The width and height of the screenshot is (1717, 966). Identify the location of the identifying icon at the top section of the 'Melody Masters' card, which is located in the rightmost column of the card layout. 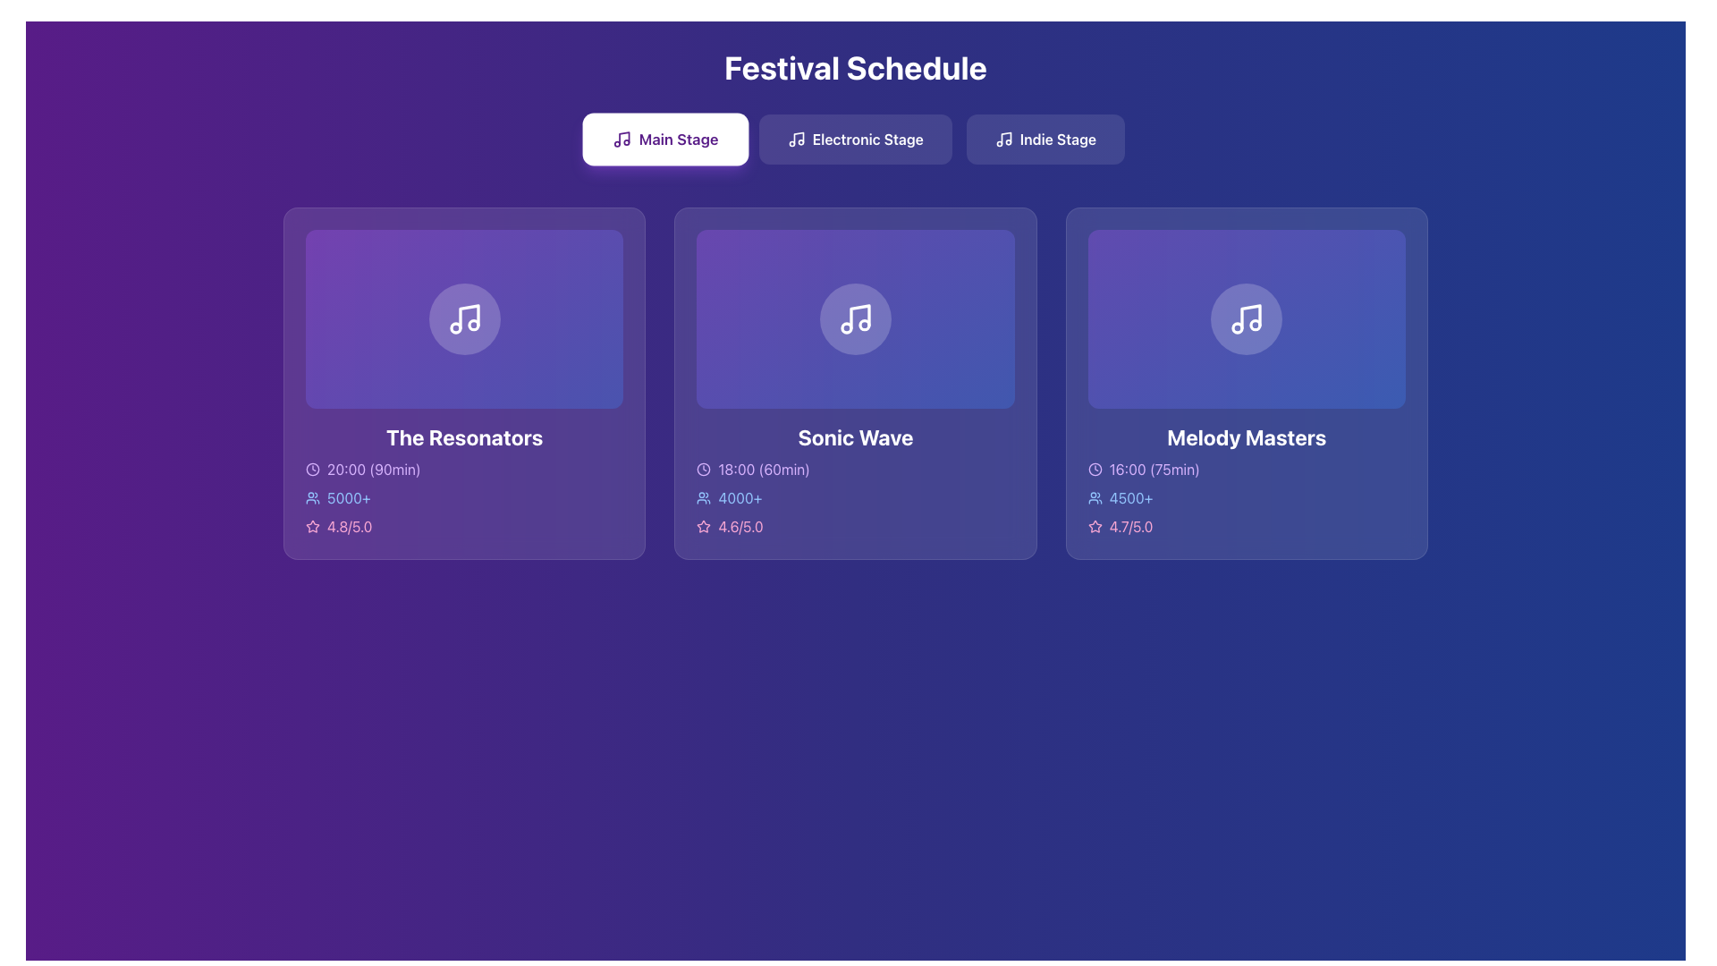
(1246, 318).